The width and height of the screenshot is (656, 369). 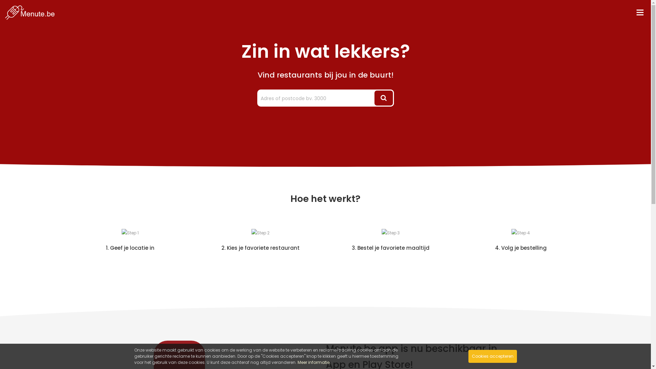 I want to click on 'Meer informatie.', so click(x=297, y=362).